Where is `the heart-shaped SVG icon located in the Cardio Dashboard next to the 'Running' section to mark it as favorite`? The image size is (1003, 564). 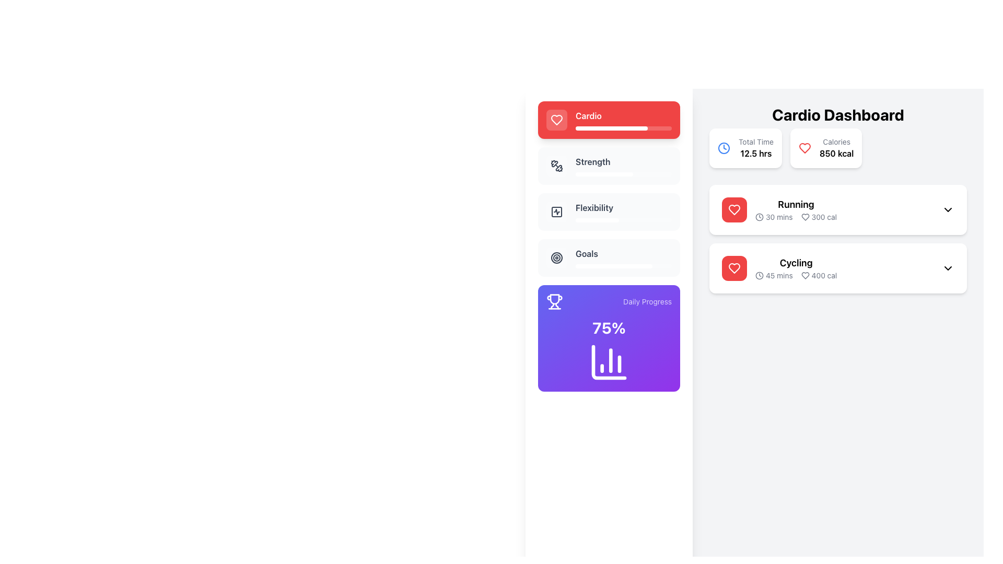
the heart-shaped SVG icon located in the Cardio Dashboard next to the 'Running' section to mark it as favorite is located at coordinates (804, 217).